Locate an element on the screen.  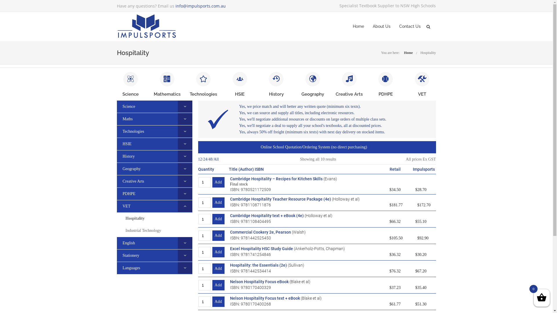
'Hospitality' is located at coordinates (135, 218).